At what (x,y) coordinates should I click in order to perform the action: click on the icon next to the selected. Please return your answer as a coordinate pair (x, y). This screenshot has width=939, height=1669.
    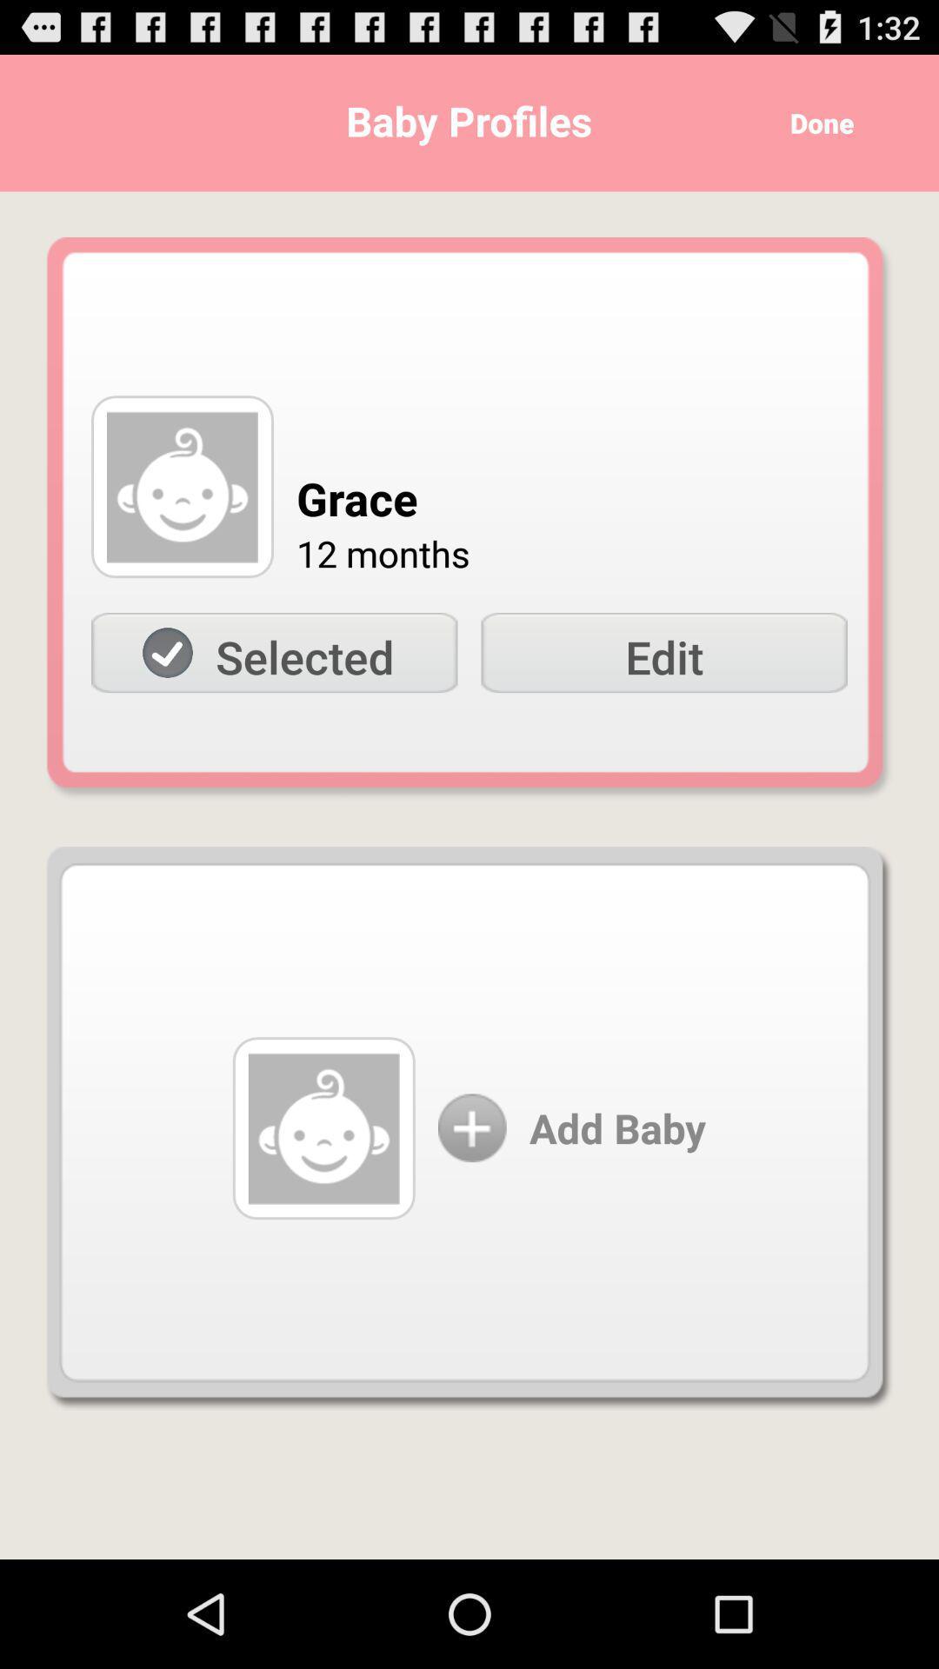
    Looking at the image, I should click on (664, 652).